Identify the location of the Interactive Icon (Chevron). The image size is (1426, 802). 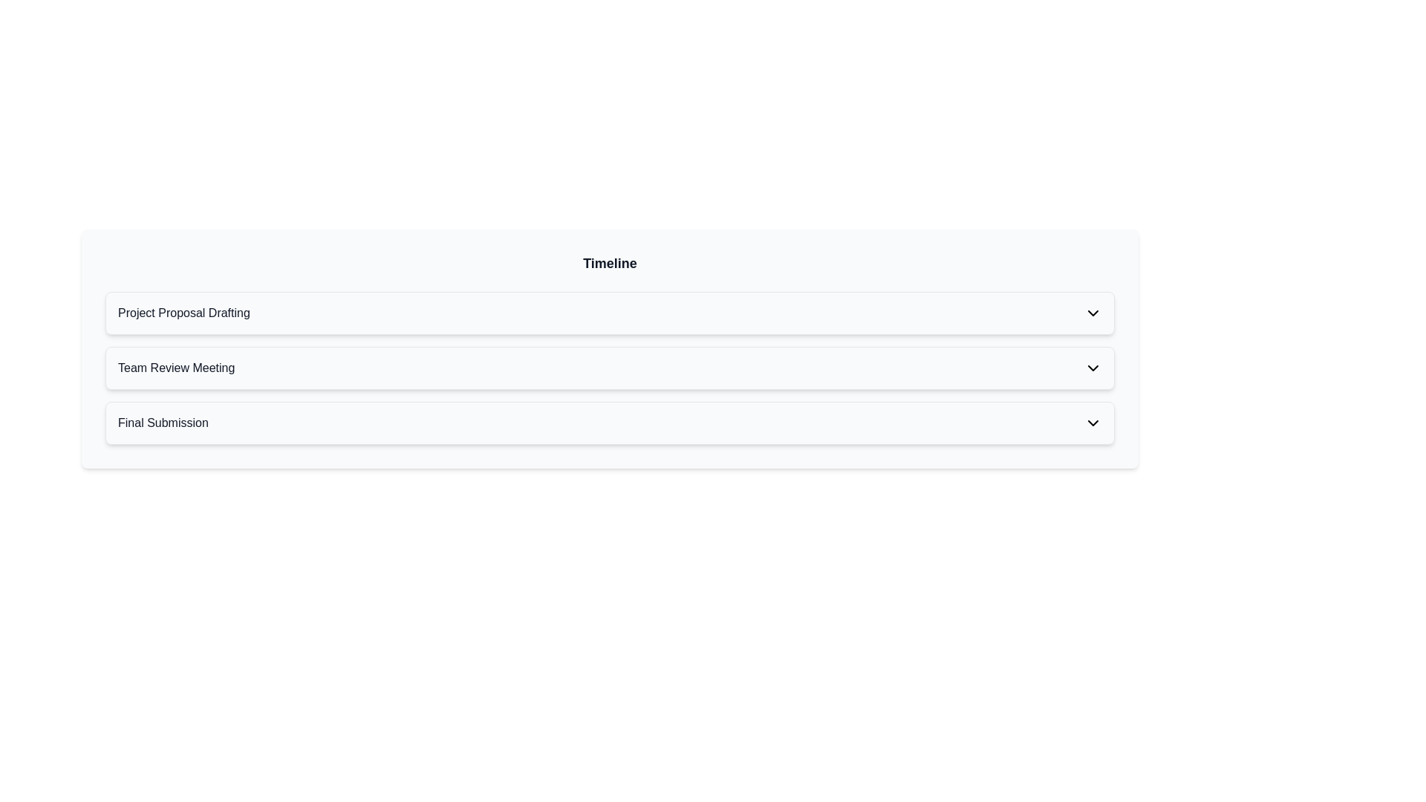
(1093, 312).